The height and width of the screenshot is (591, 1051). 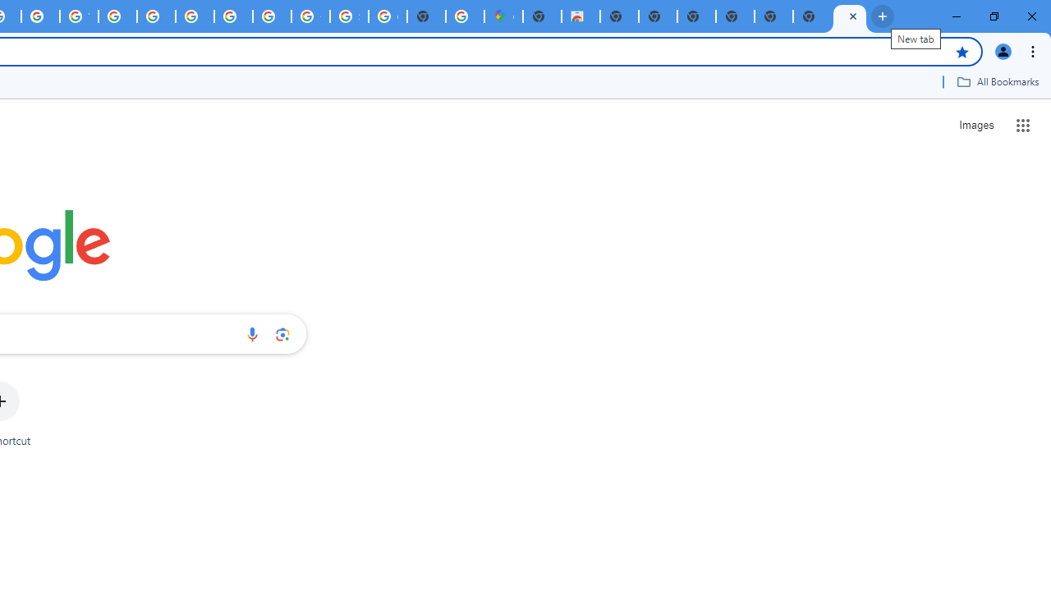 I want to click on 'New Tab', so click(x=850, y=16).